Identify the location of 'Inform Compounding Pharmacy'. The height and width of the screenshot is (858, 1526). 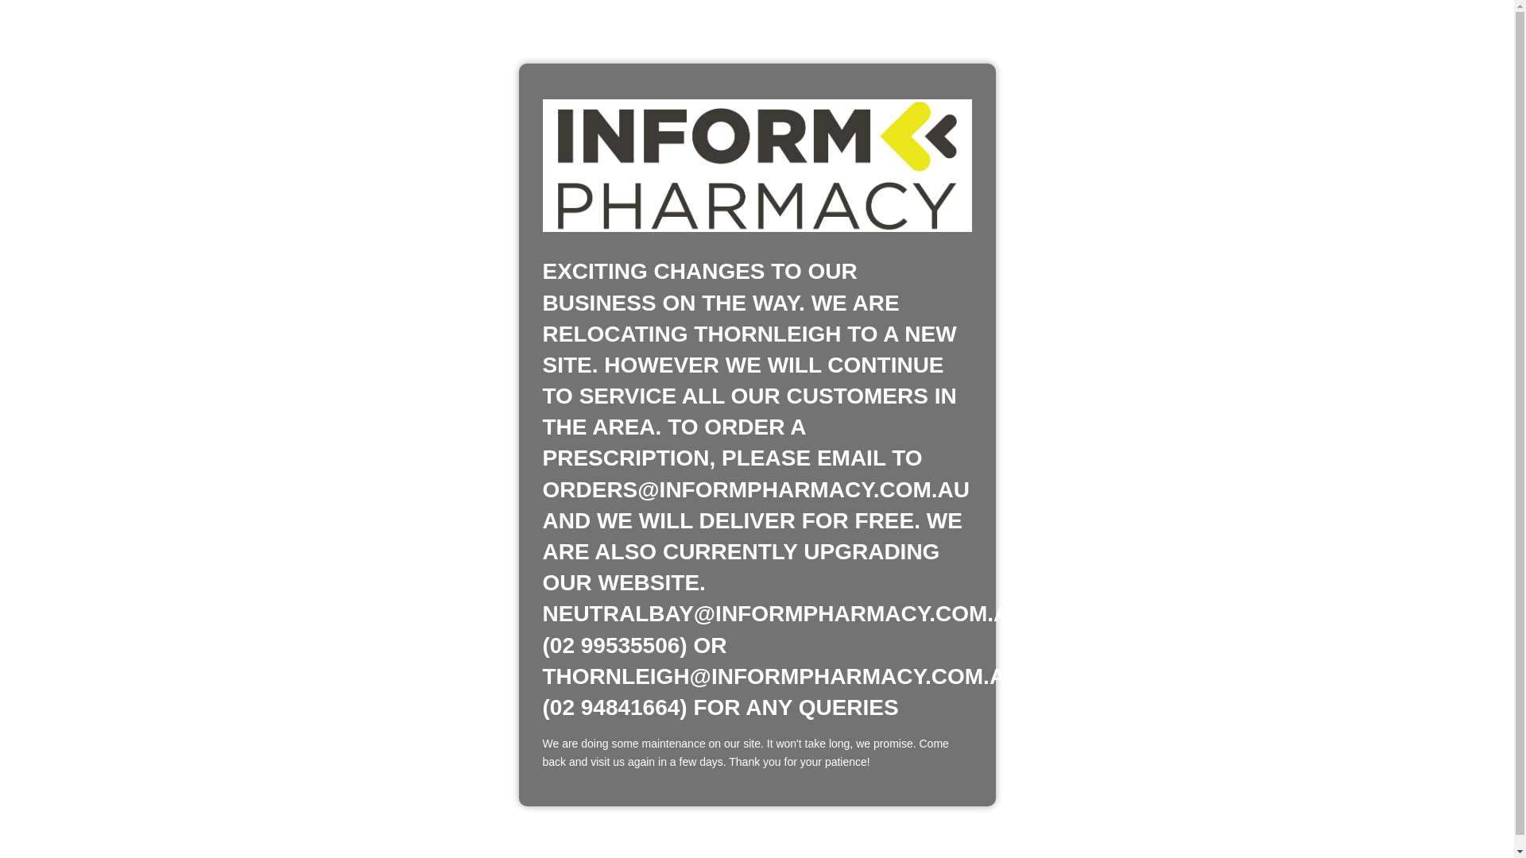
(755, 165).